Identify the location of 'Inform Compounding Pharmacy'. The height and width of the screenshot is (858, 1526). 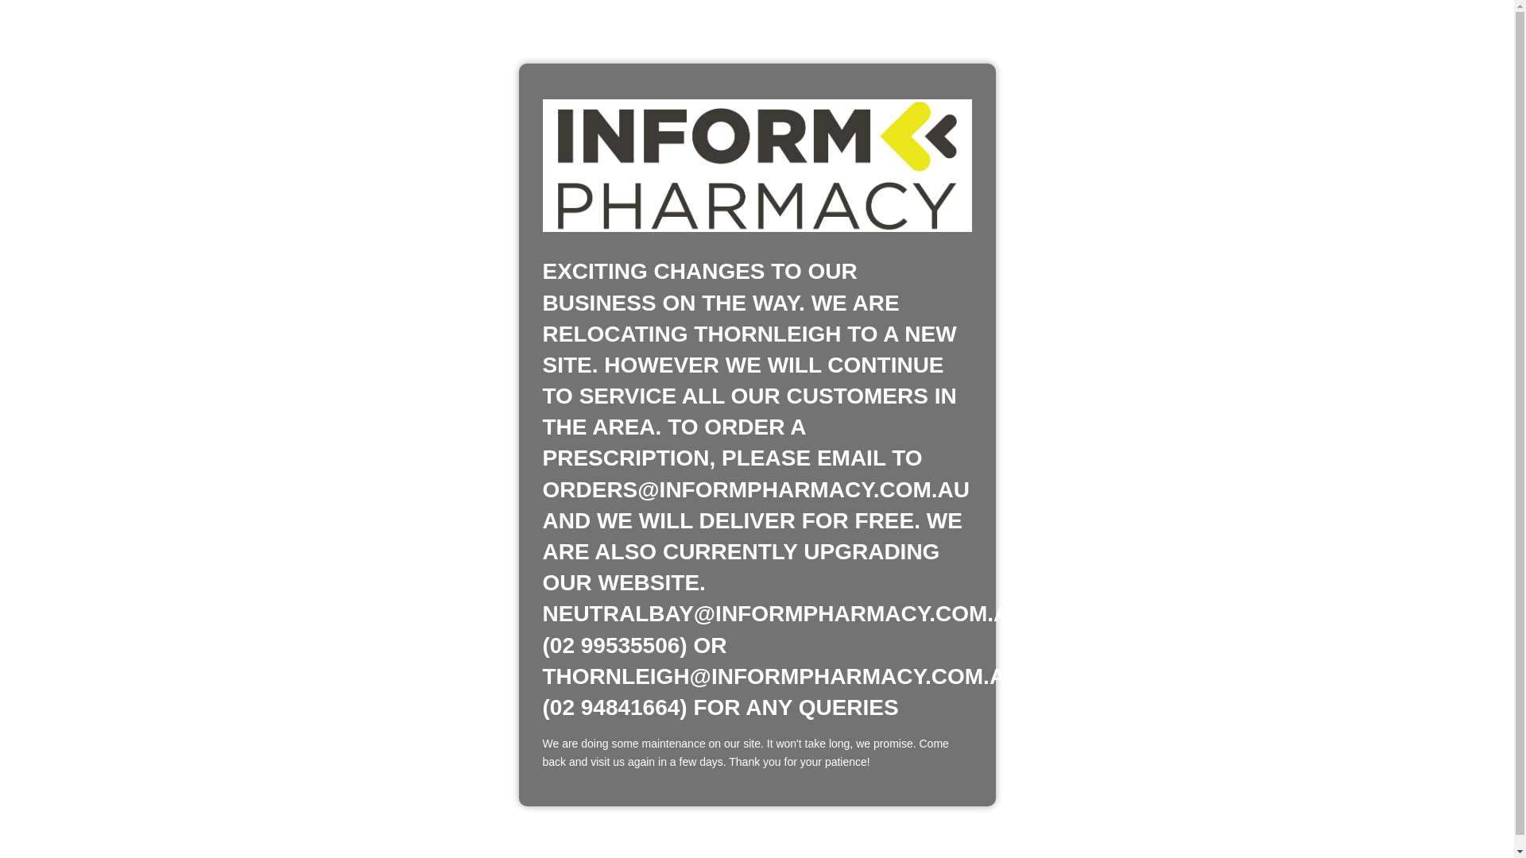
(755, 165).